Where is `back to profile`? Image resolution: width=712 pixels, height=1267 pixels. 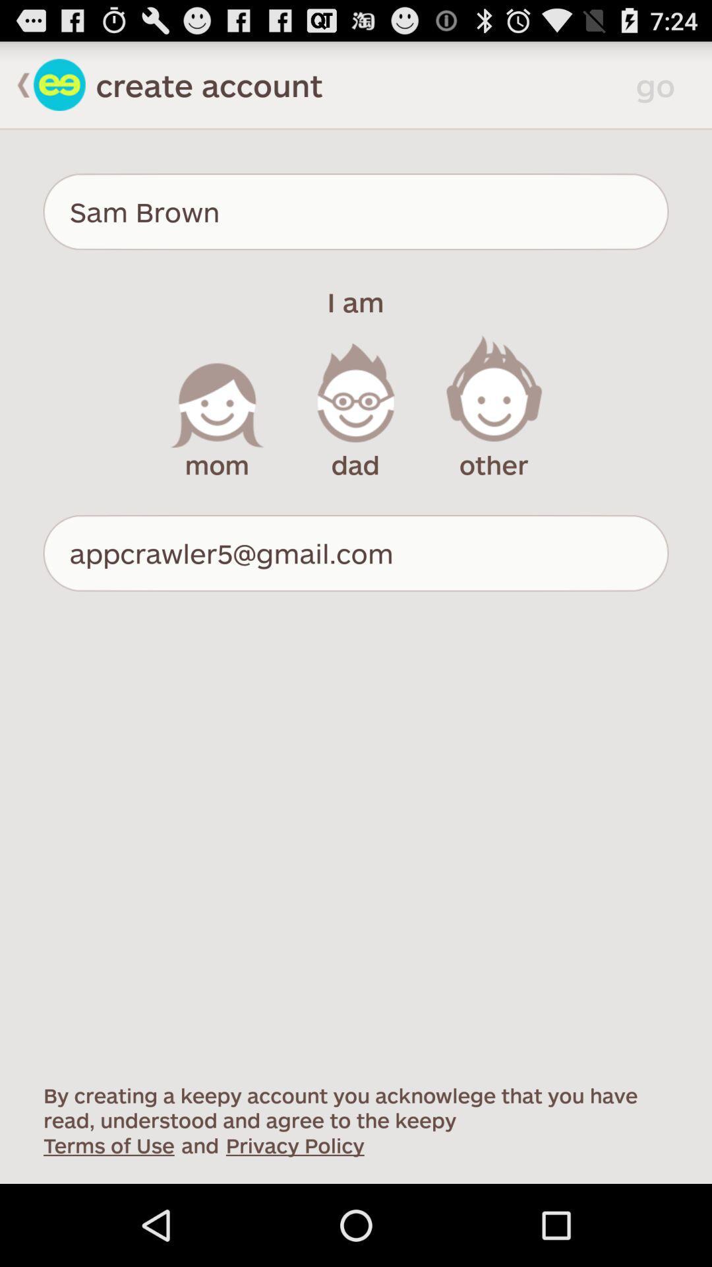
back to profile is located at coordinates (59, 84).